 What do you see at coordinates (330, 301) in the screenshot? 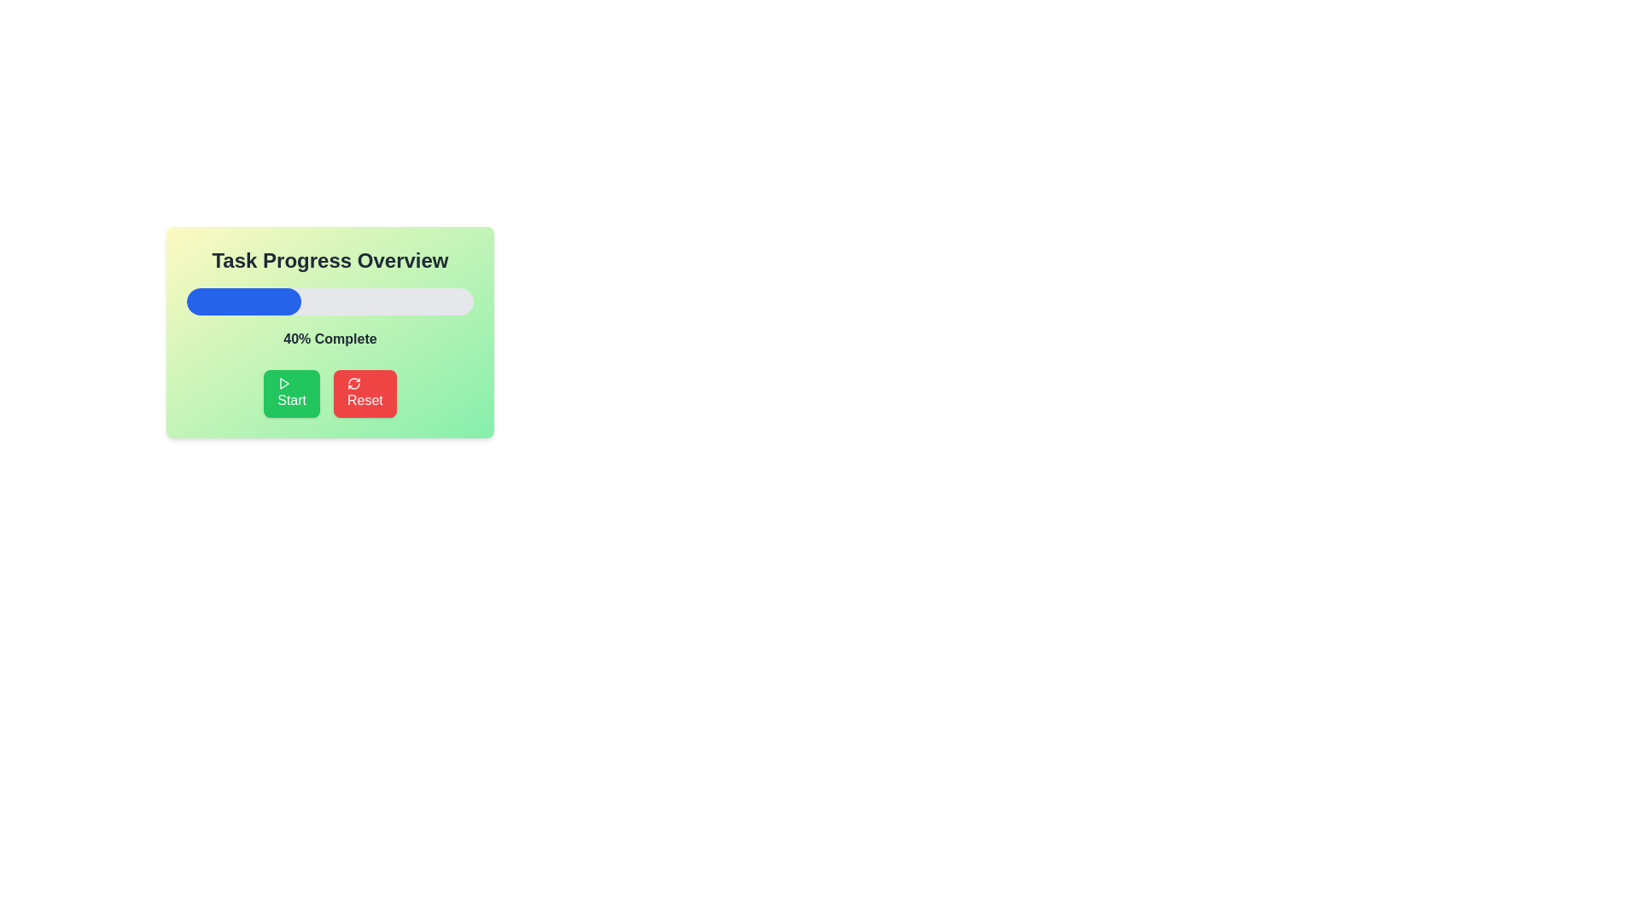
I see `the progress bar indicating 40% completion in the 'Task Progress Overview' section` at bounding box center [330, 301].